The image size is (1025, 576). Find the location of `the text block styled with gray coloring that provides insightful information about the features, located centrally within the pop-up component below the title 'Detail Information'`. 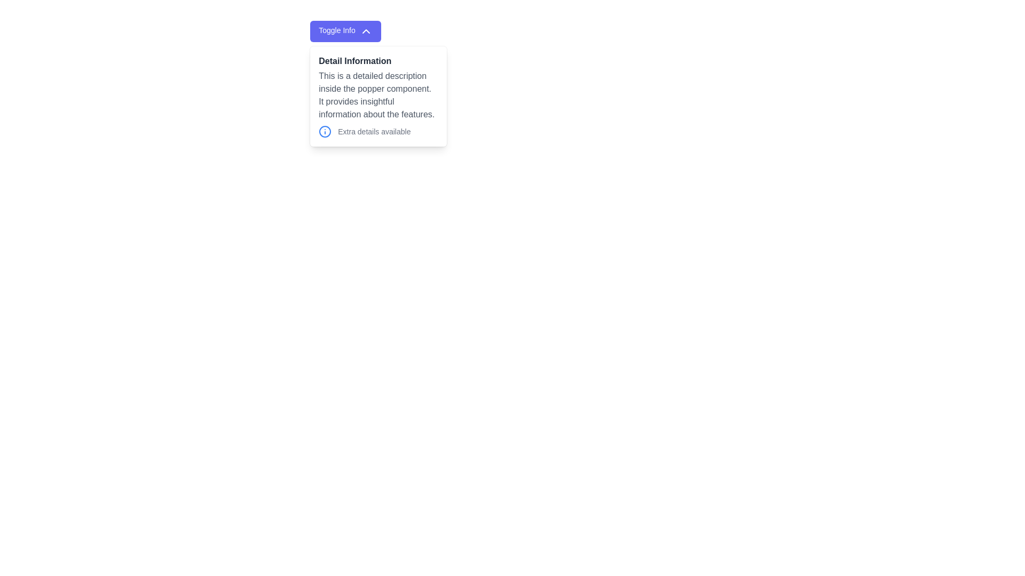

the text block styled with gray coloring that provides insightful information about the features, located centrally within the pop-up component below the title 'Detail Information' is located at coordinates (379, 94).